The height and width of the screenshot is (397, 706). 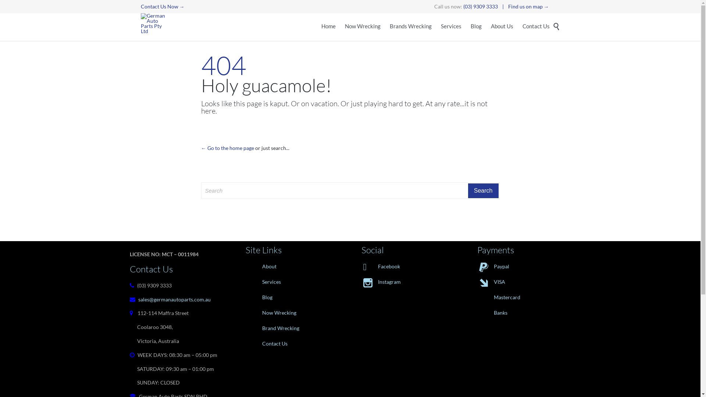 What do you see at coordinates (154, 23) in the screenshot?
I see `'German Auto Parts Pty Ltd'` at bounding box center [154, 23].